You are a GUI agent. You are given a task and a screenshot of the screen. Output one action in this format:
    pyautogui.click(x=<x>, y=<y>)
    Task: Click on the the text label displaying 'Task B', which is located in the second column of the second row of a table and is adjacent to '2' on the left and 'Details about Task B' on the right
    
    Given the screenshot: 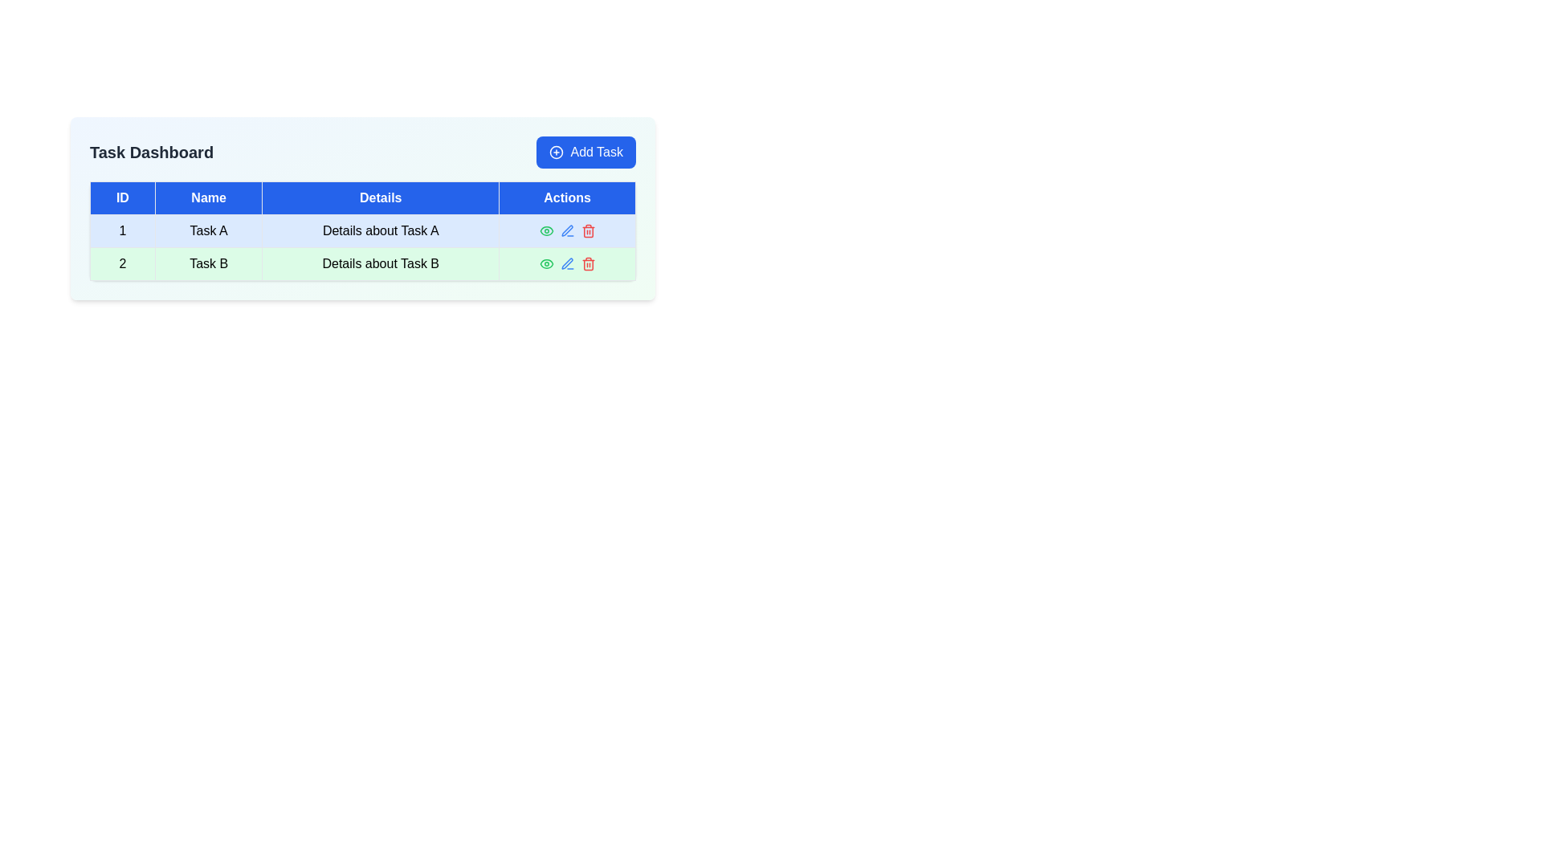 What is the action you would take?
    pyautogui.click(x=208, y=263)
    